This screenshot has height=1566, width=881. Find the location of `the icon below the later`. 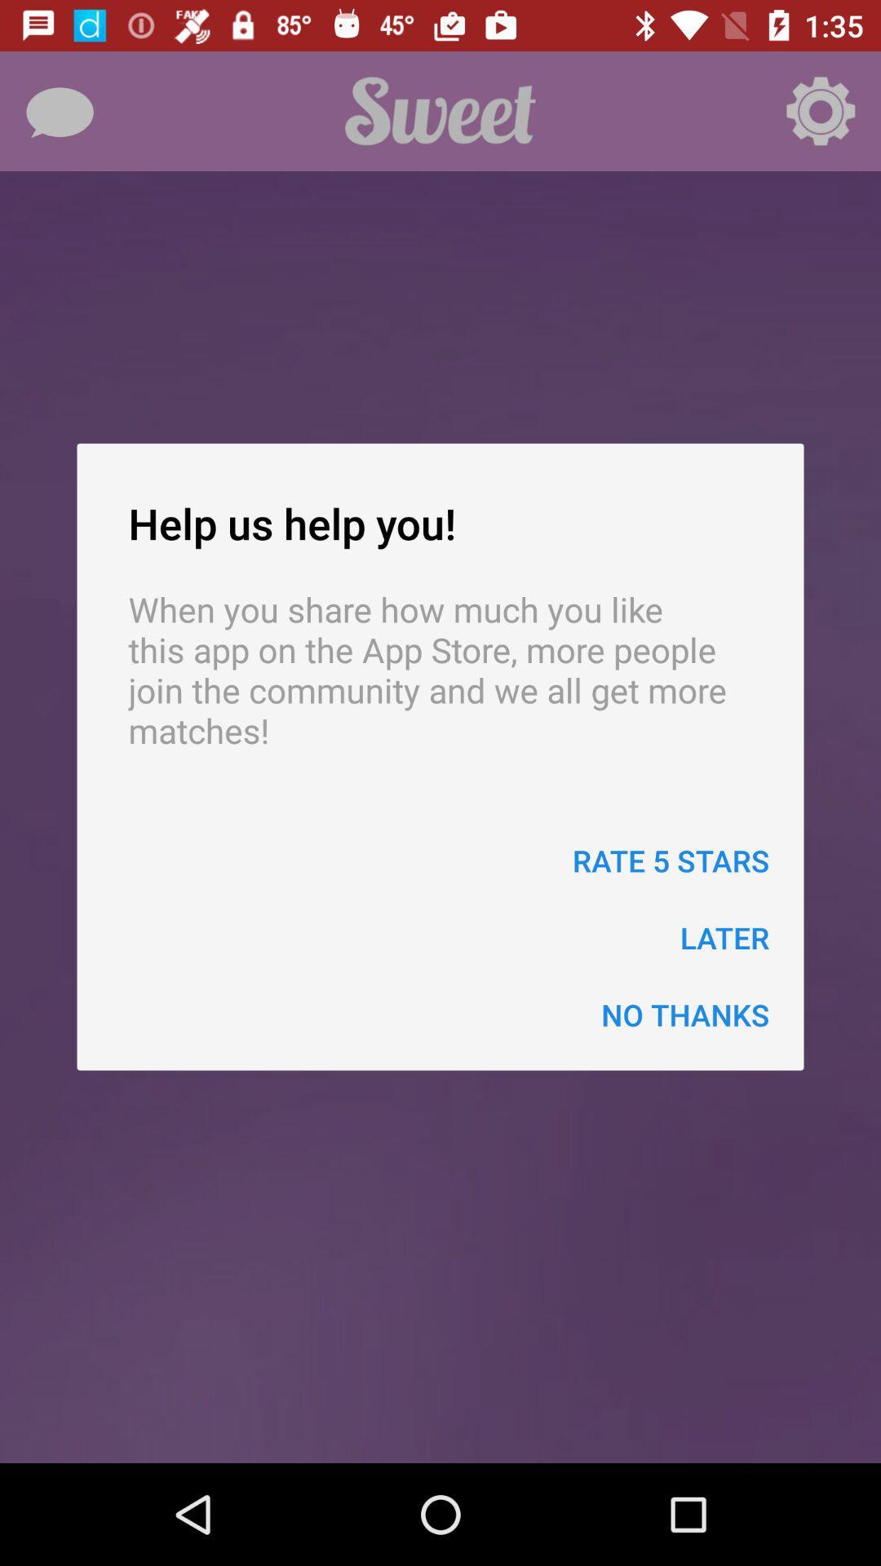

the icon below the later is located at coordinates (685, 1014).